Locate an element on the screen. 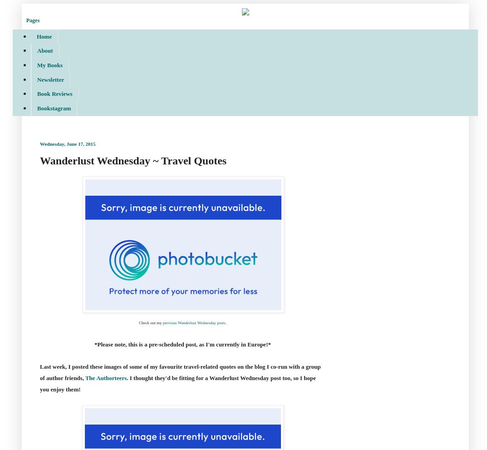 This screenshot has height=450, width=487. 'Home' is located at coordinates (44, 36).